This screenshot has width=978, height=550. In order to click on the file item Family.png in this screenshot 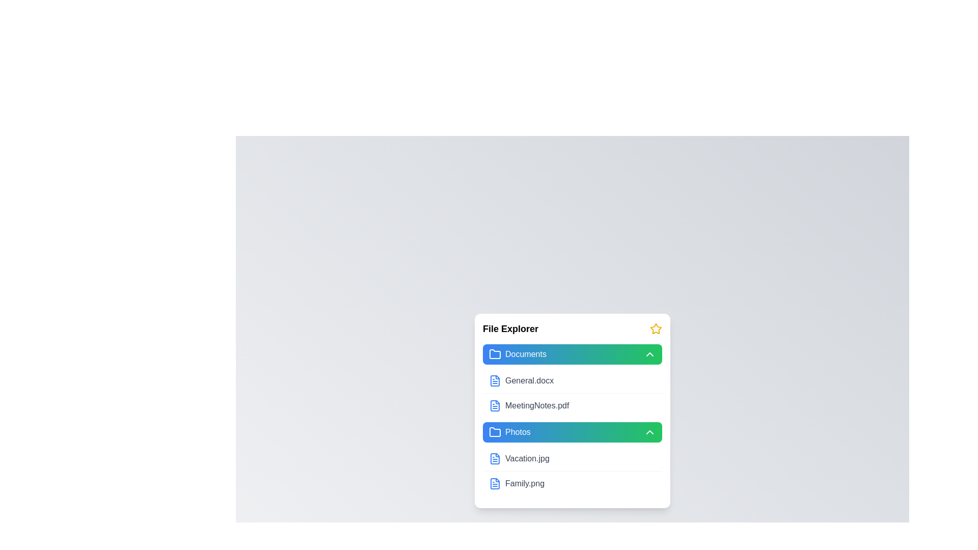, I will do `click(572, 482)`.